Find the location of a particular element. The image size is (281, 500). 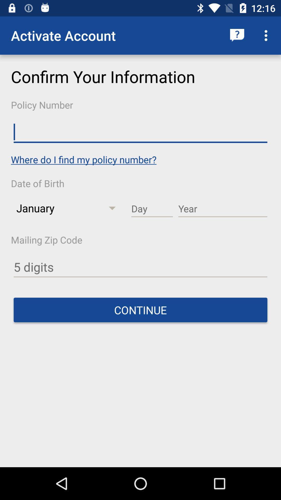

policy number field is located at coordinates (140, 132).